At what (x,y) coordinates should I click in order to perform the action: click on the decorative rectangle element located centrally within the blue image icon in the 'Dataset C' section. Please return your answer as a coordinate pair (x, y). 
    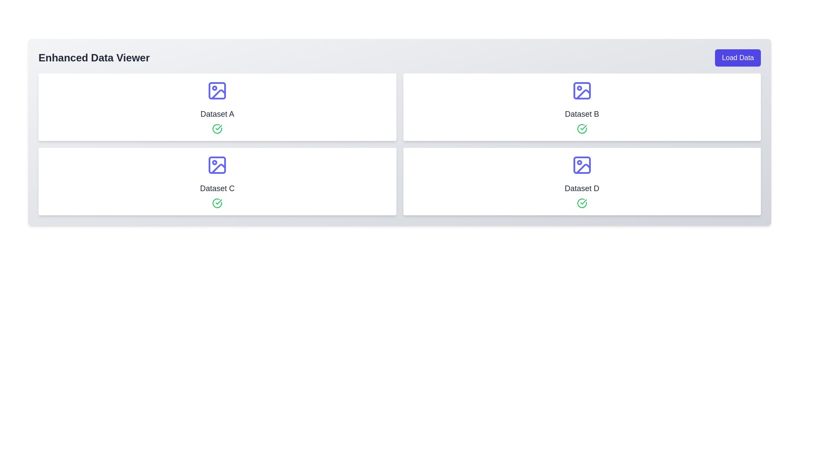
    Looking at the image, I should click on (217, 165).